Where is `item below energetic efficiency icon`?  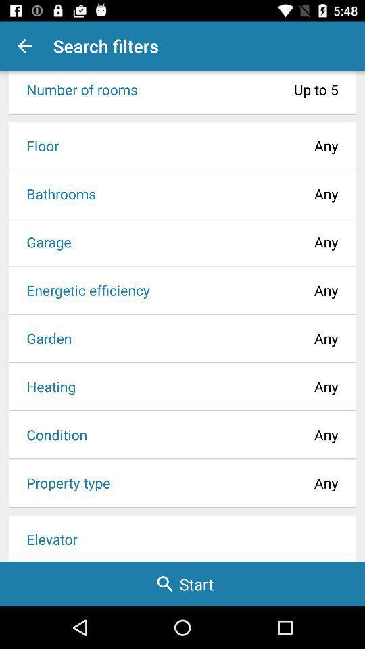
item below energetic efficiency icon is located at coordinates (45, 337).